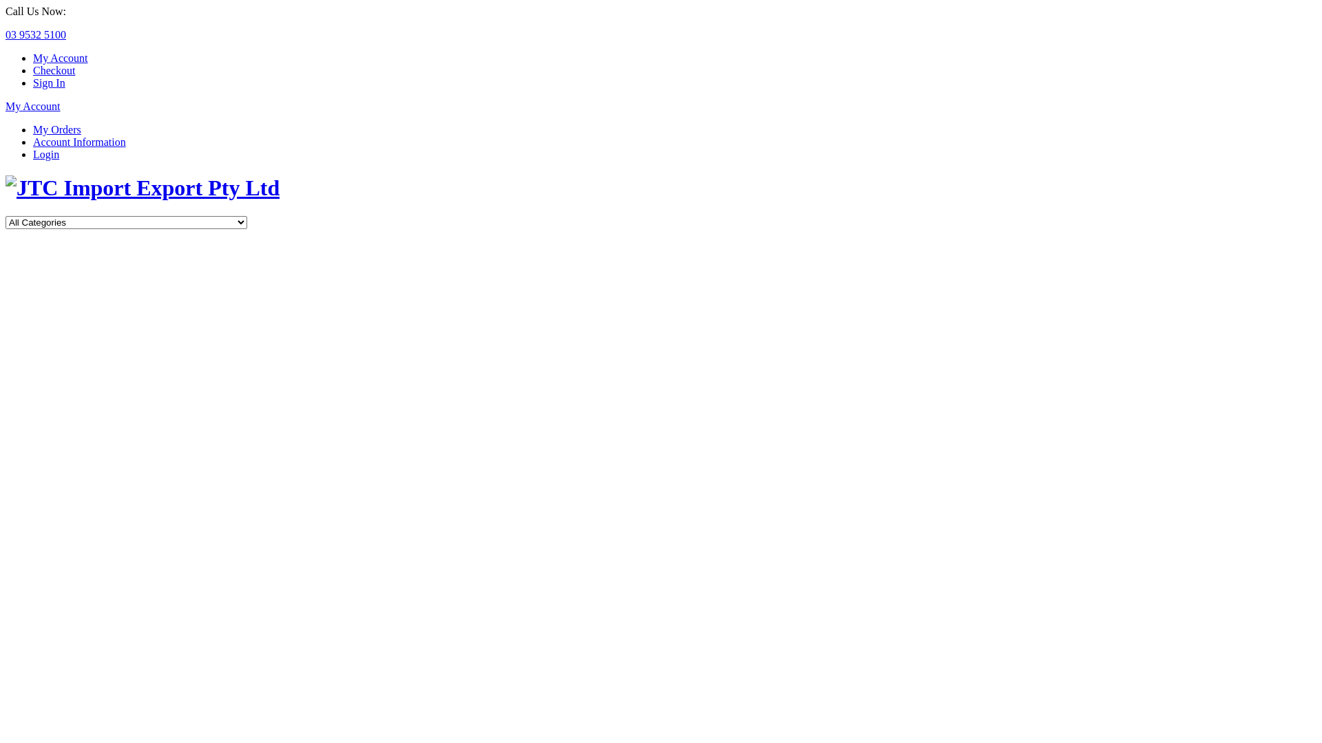 The width and height of the screenshot is (1322, 743). I want to click on 'Checkout', so click(54, 70).